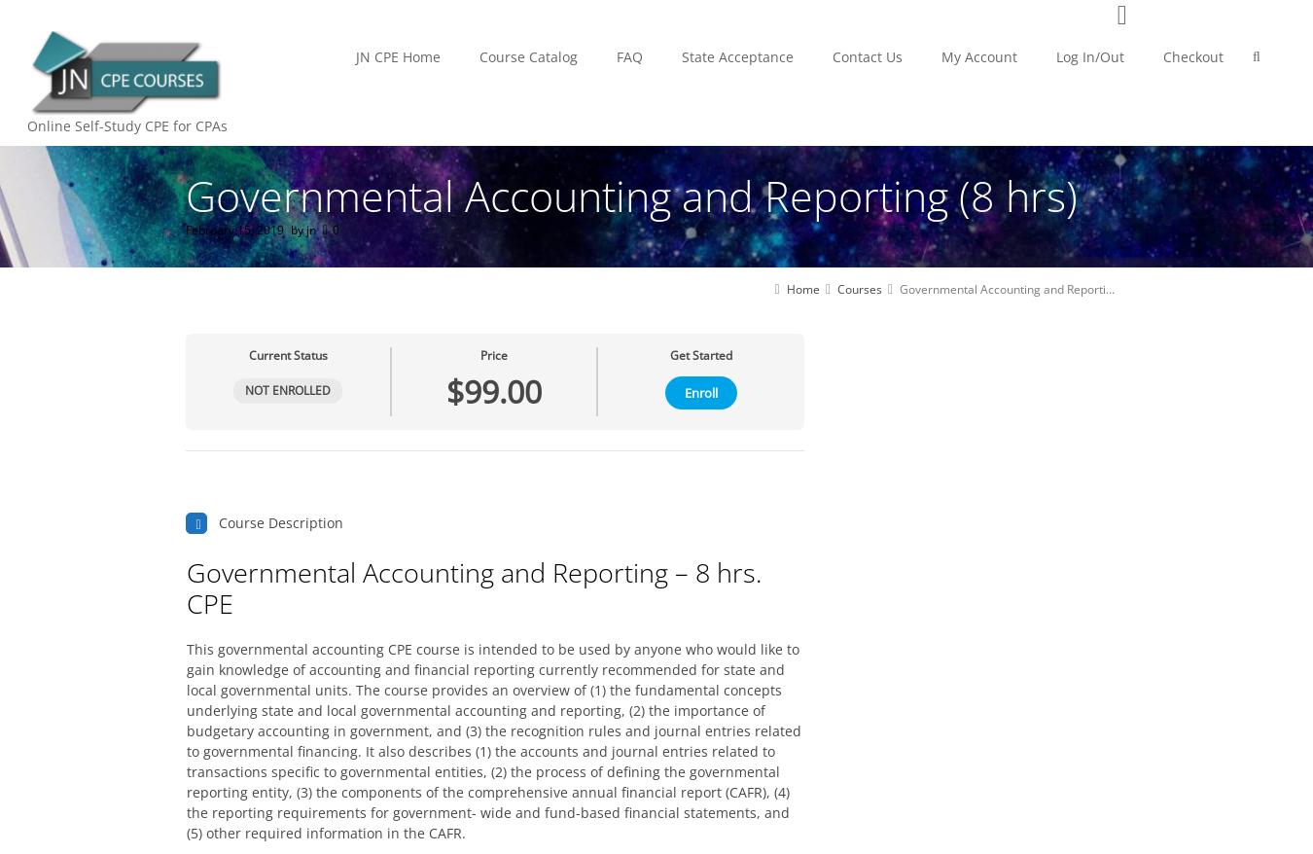 The height and width of the screenshot is (854, 1313). What do you see at coordinates (343, 363) in the screenshot?
I see `'Enroll in this course to get access'` at bounding box center [343, 363].